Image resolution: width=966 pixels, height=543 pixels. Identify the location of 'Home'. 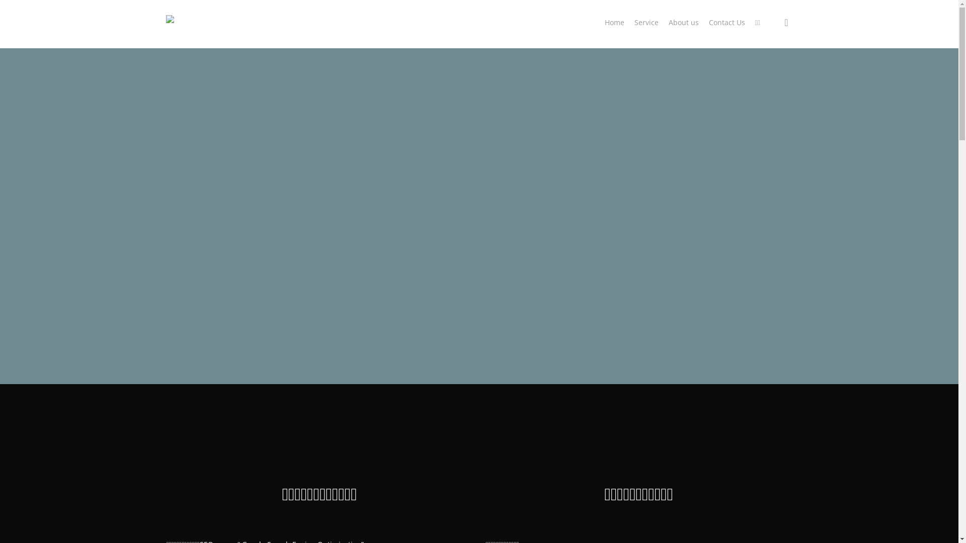
(604, 23).